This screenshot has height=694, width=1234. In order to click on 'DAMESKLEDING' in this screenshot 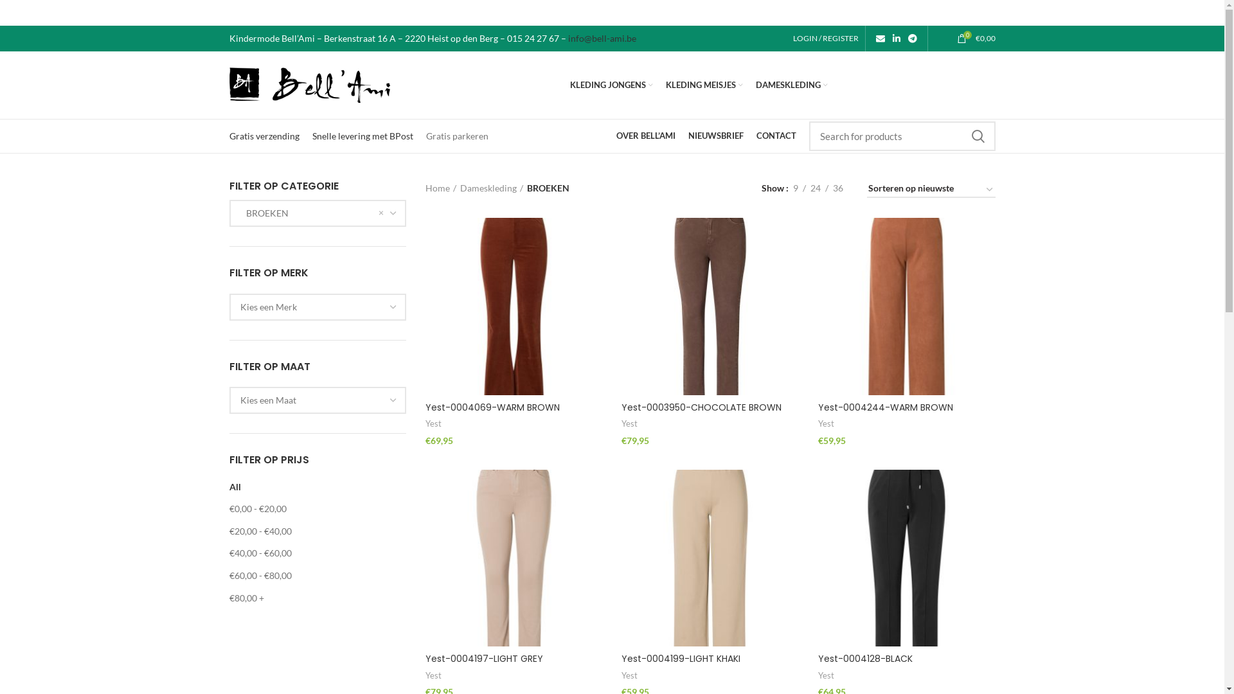, I will do `click(791, 84)`.